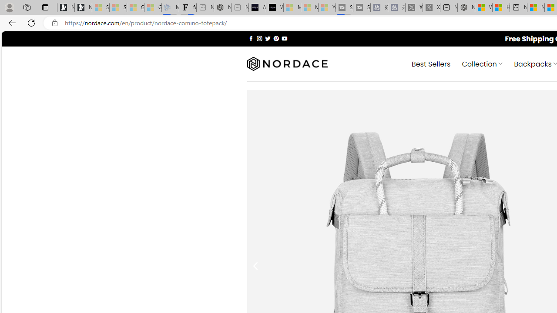 This screenshot has height=313, width=557. What do you see at coordinates (309, 7) in the screenshot?
I see `'Microsoft Start - Sleeping'` at bounding box center [309, 7].